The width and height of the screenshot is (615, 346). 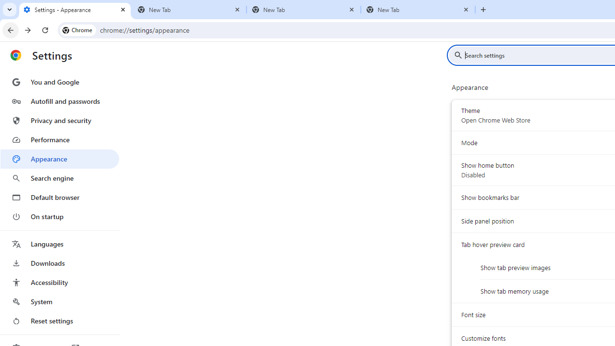 I want to click on 'Autofill and passwords', so click(x=59, y=101).